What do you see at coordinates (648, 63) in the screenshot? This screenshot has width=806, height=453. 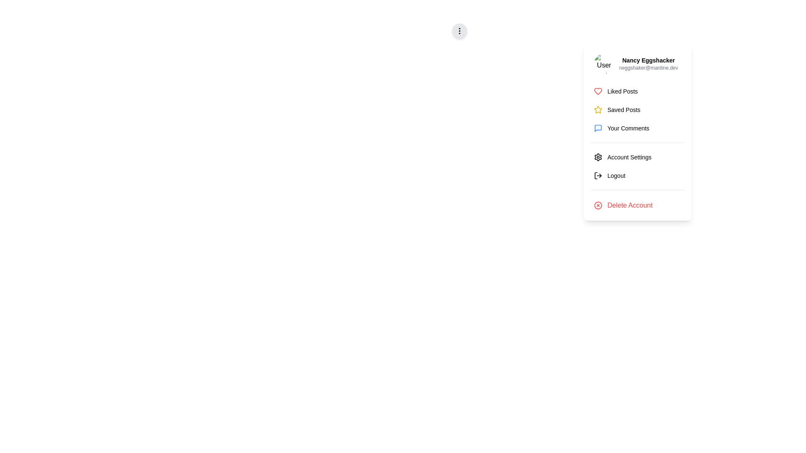 I see `user's name and email address displayed in the text display located in the top part of the dropdown menu, just to the right of the user avatar icon` at bounding box center [648, 63].